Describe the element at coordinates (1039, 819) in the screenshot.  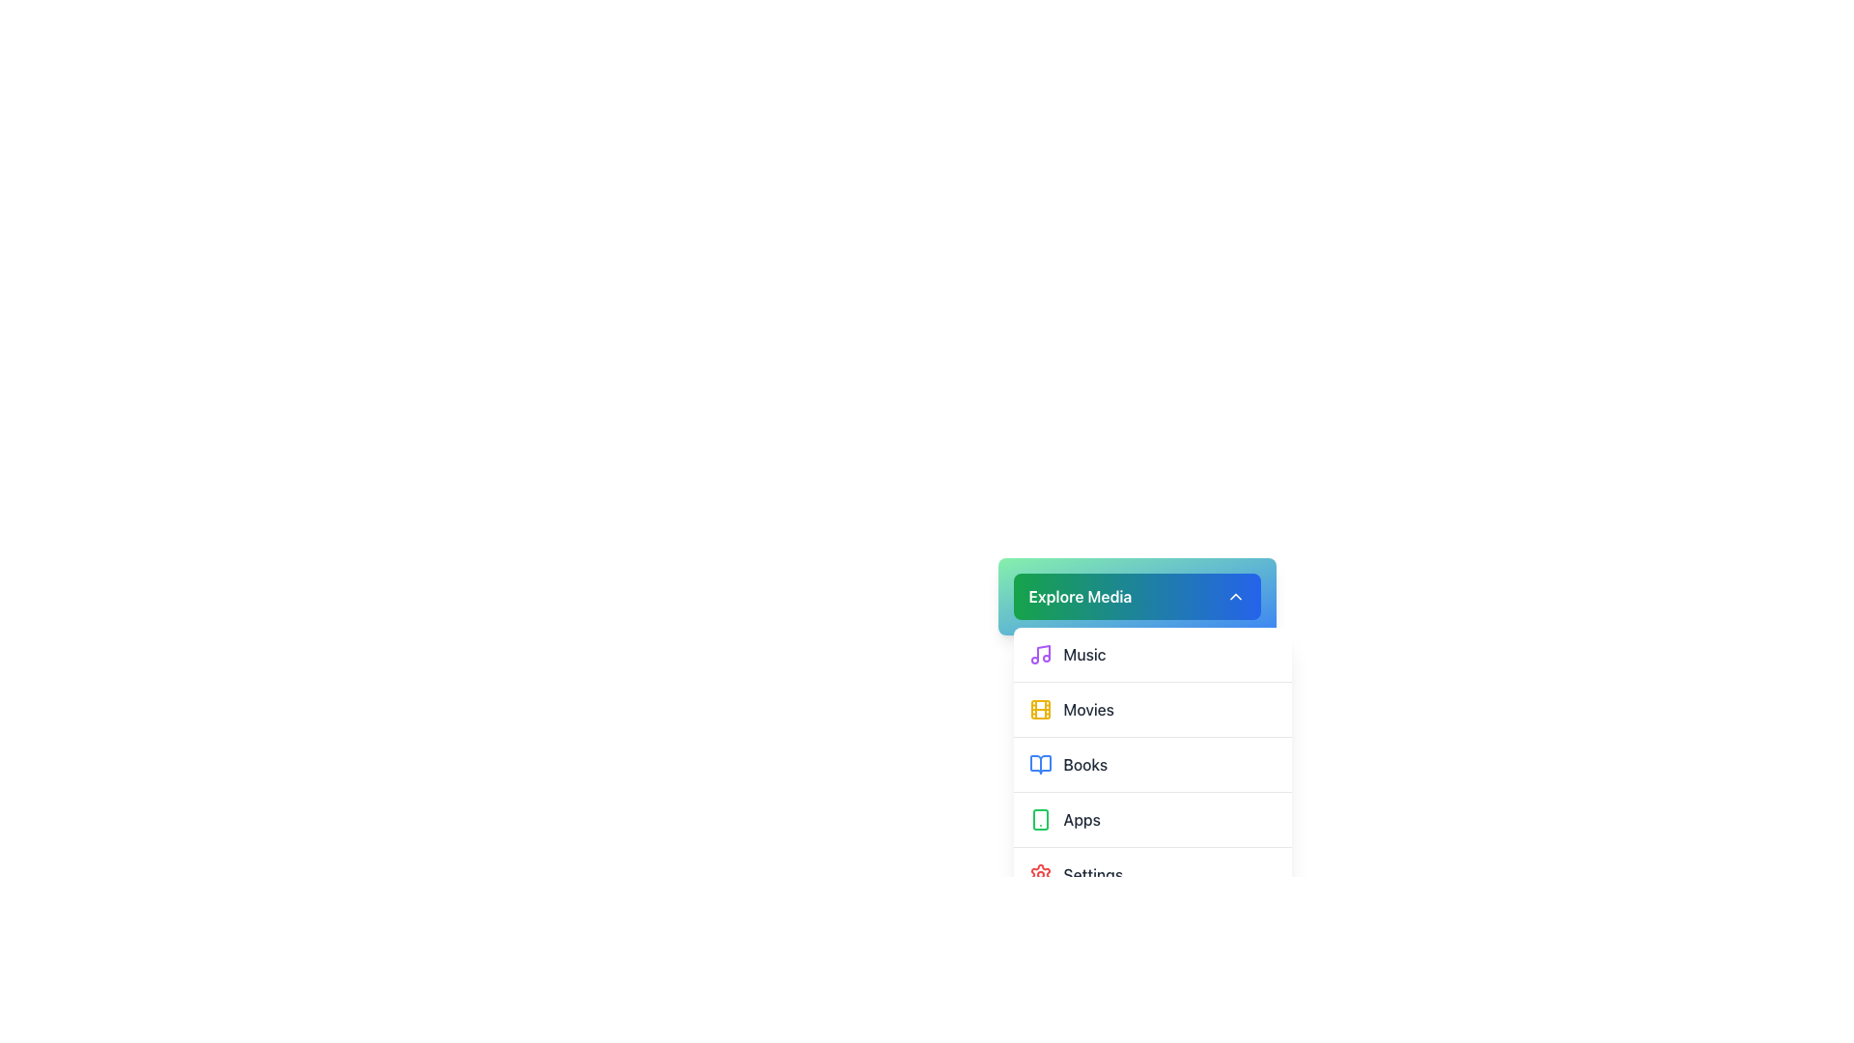
I see `the decorative graphical element within the smartphone icon located near the bottom right of the interface, adjacent to the 'Explore Media' dropdown menu` at that location.